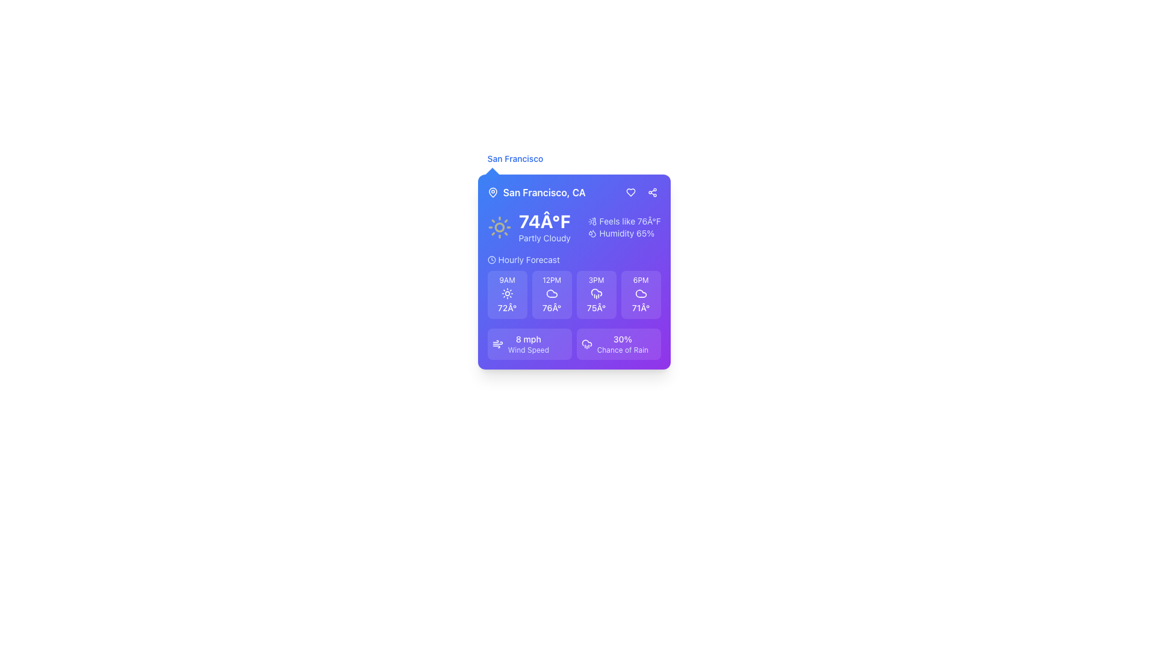  I want to click on the text label indicating the specific time (9AM) in the hourly forecast section of the compact weather widget, so click(507, 280).